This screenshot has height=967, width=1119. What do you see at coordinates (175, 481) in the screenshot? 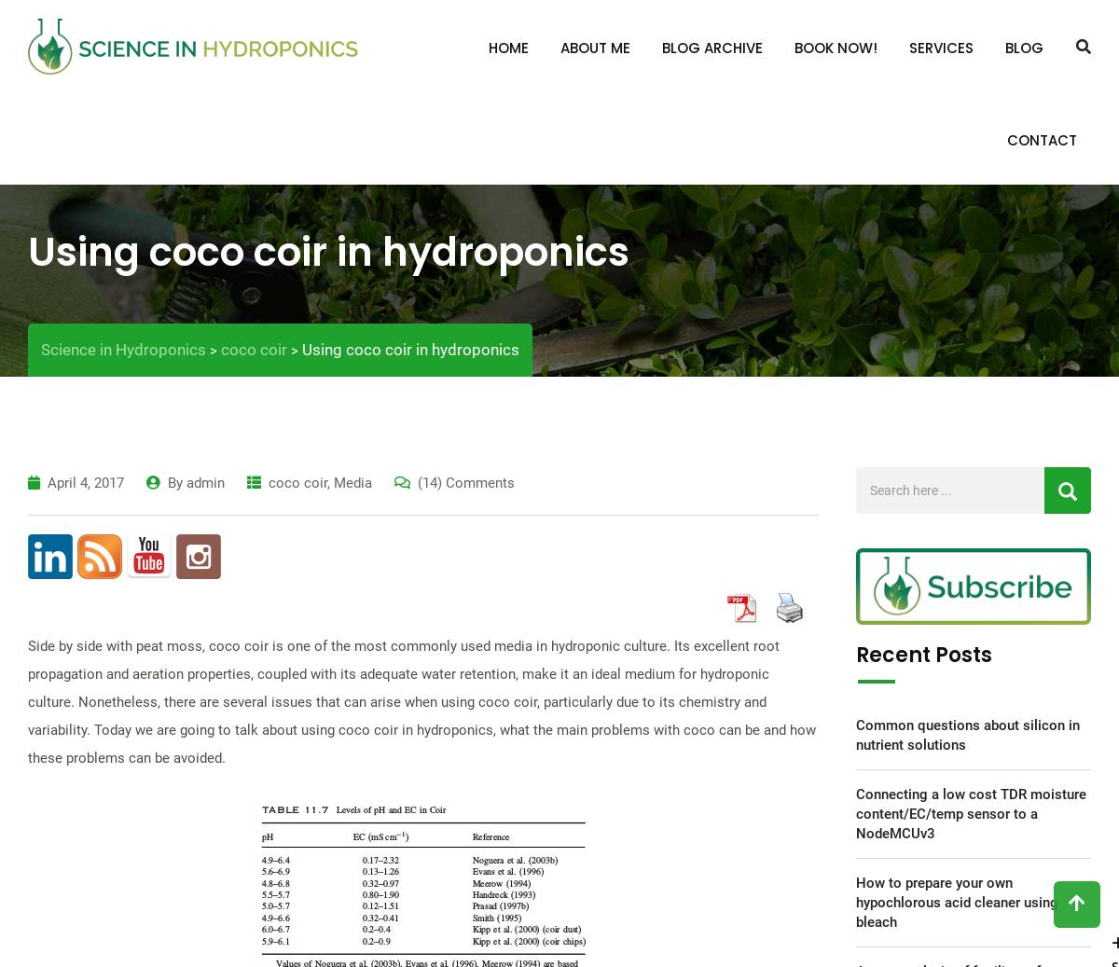
I see `'By'` at bounding box center [175, 481].